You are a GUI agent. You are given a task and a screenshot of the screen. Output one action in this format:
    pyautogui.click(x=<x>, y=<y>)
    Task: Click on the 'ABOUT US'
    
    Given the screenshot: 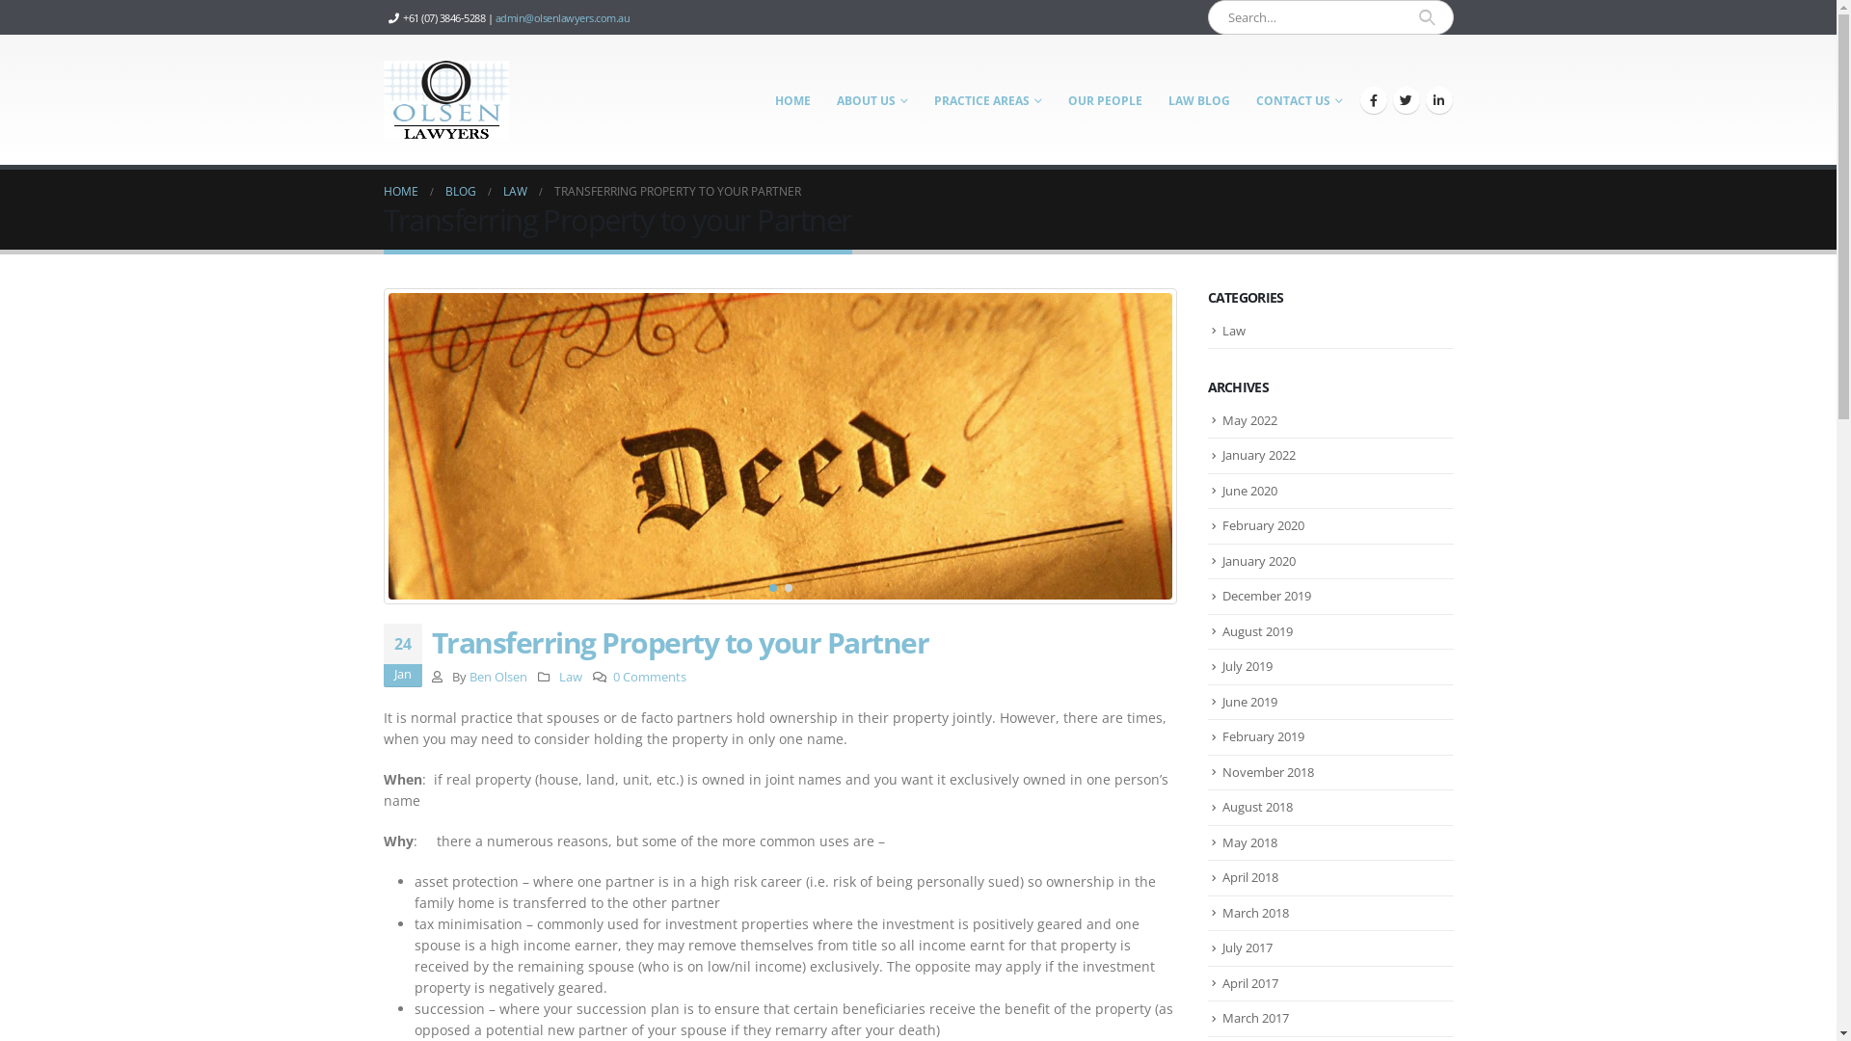 What is the action you would take?
    pyautogui.click(x=870, y=100)
    